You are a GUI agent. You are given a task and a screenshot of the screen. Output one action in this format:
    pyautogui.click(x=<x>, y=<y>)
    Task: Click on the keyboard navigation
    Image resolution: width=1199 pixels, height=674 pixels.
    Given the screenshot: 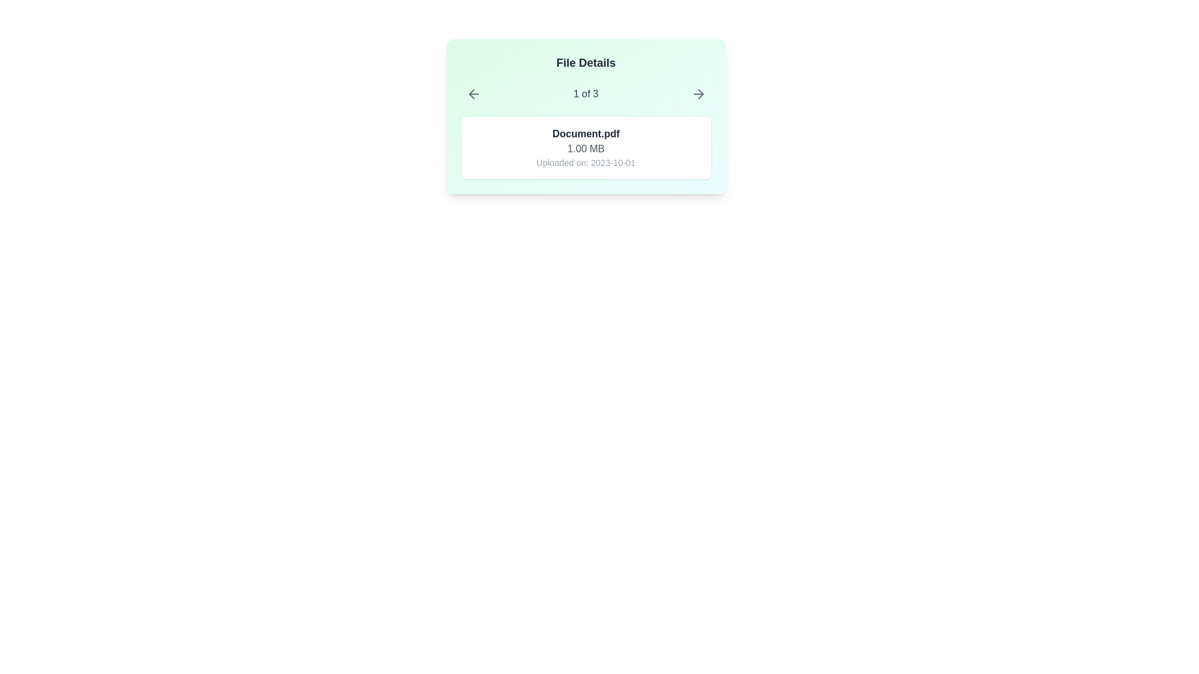 What is the action you would take?
    pyautogui.click(x=470, y=93)
    